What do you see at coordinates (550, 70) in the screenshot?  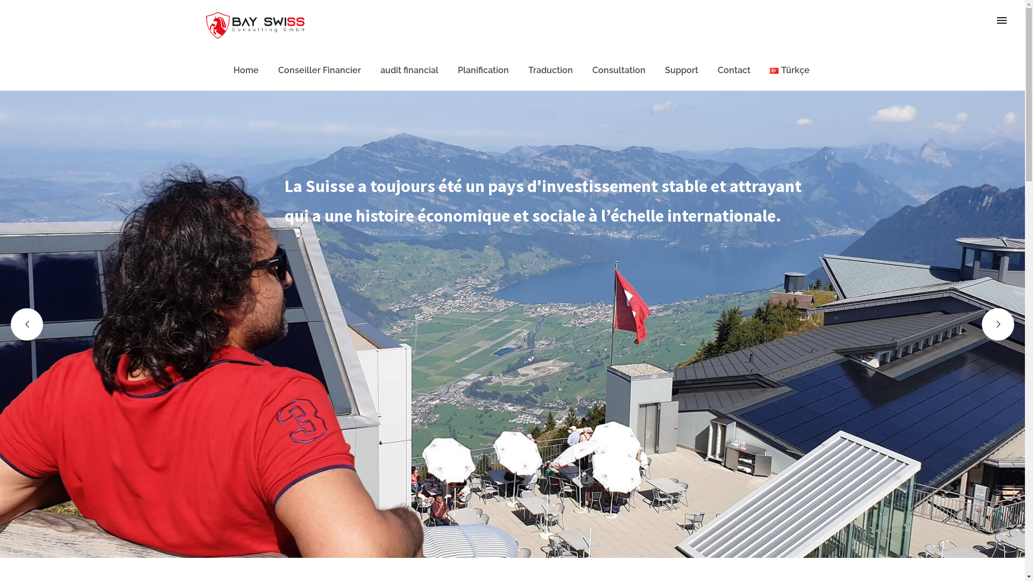 I see `'Traduction'` at bounding box center [550, 70].